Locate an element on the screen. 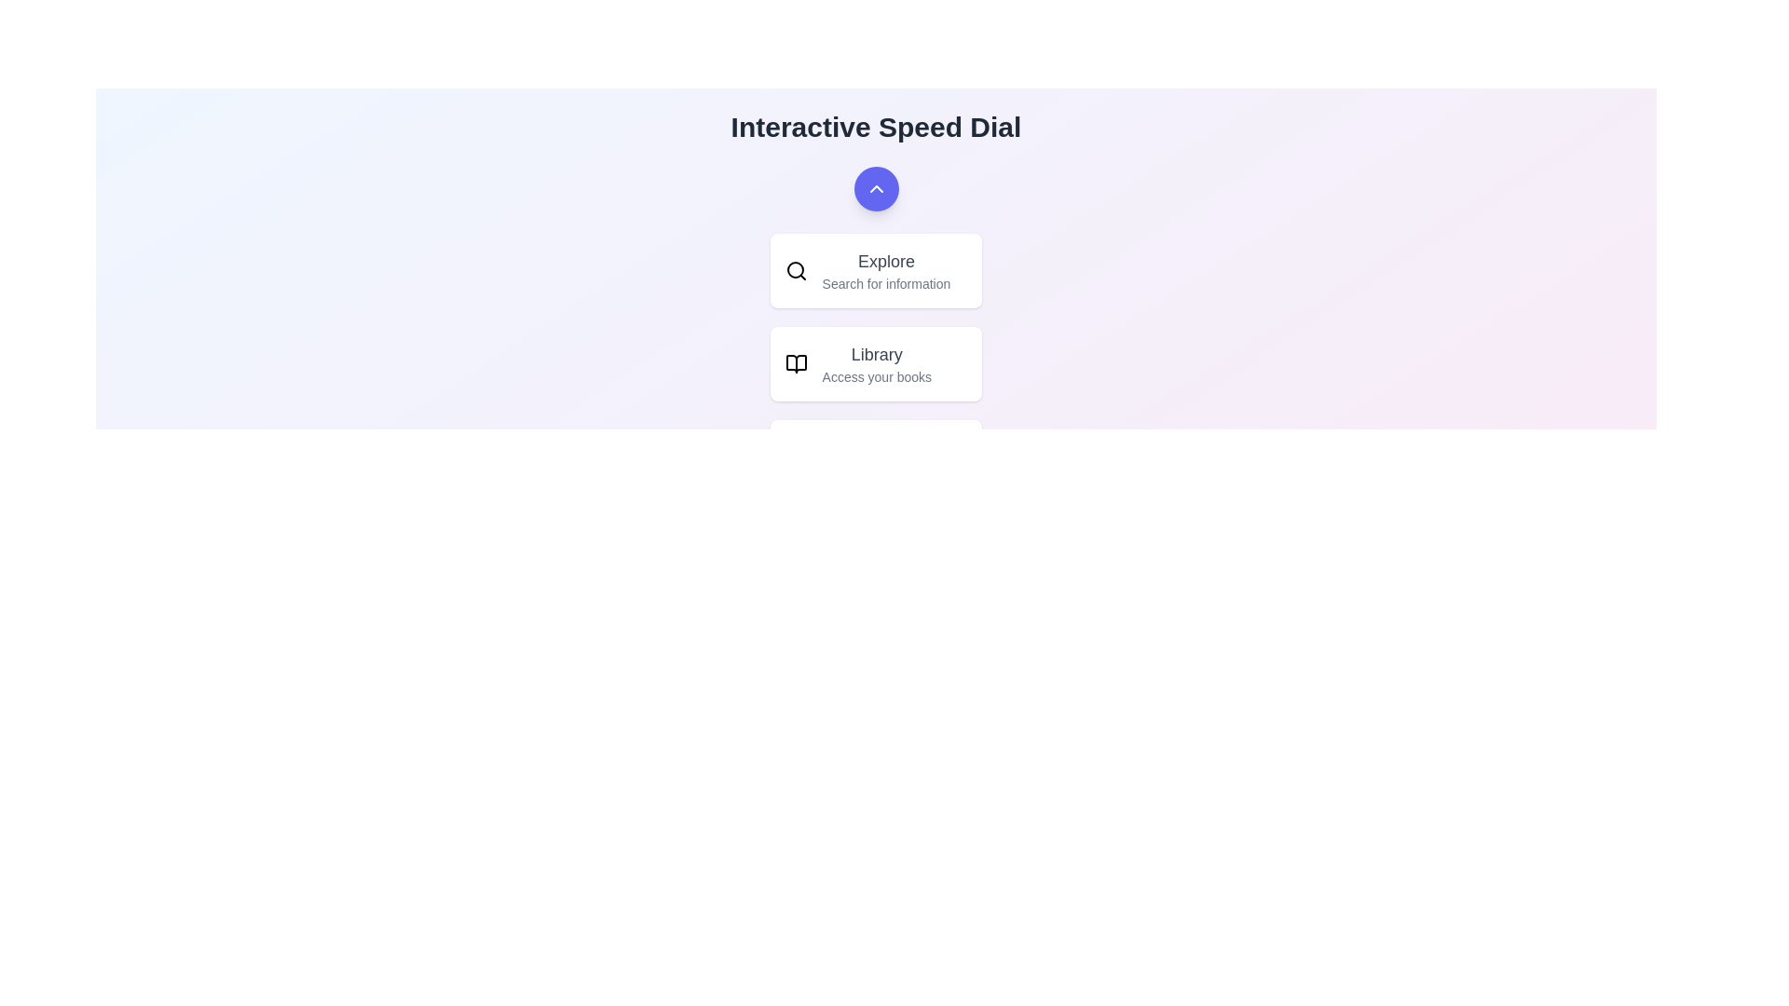  the 'Explore' button to initiate a search for information is located at coordinates (875, 270).